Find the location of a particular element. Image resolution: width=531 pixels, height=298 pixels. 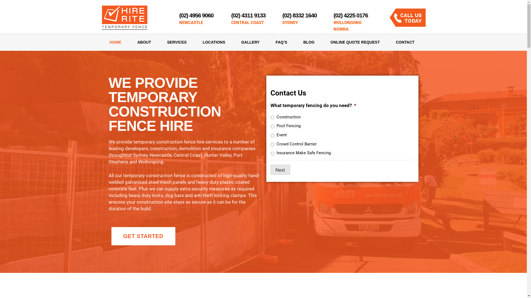

'LOCATIONS' is located at coordinates (195, 42).